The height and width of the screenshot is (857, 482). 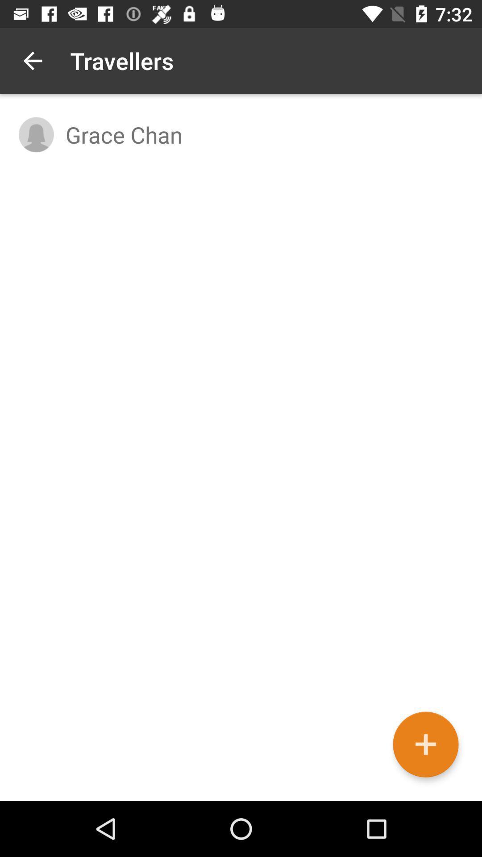 What do you see at coordinates (425, 744) in the screenshot?
I see `the add icon` at bounding box center [425, 744].